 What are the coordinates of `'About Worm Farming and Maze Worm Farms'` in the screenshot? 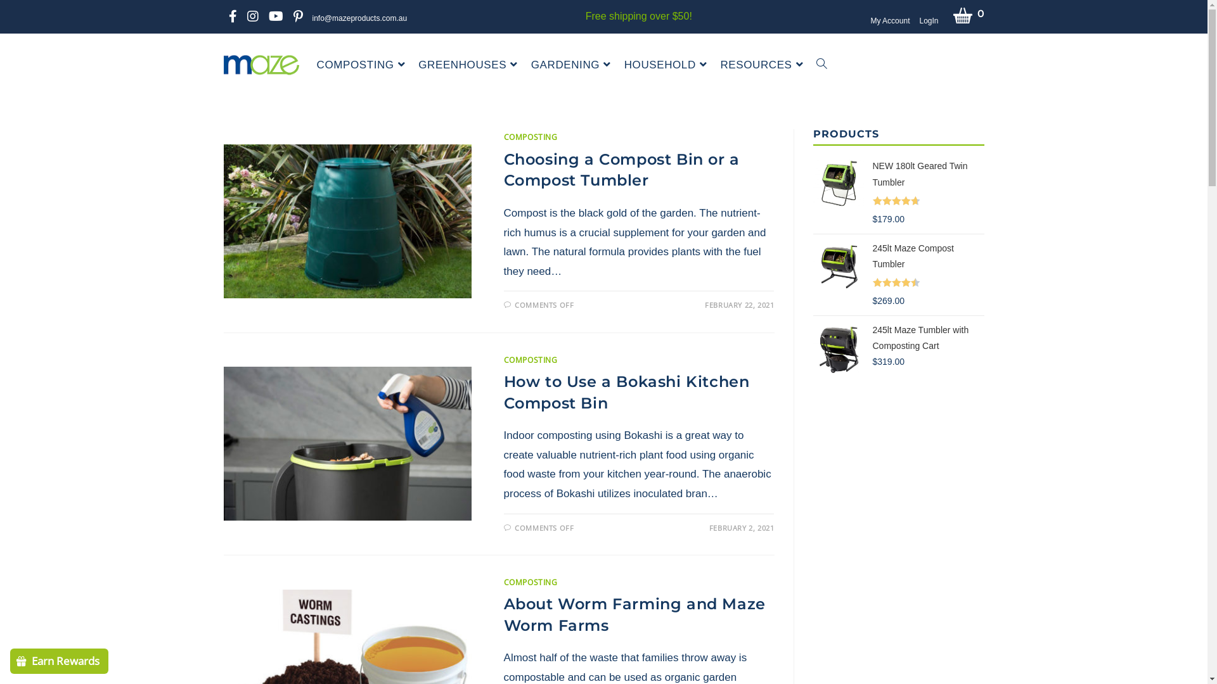 It's located at (503, 614).